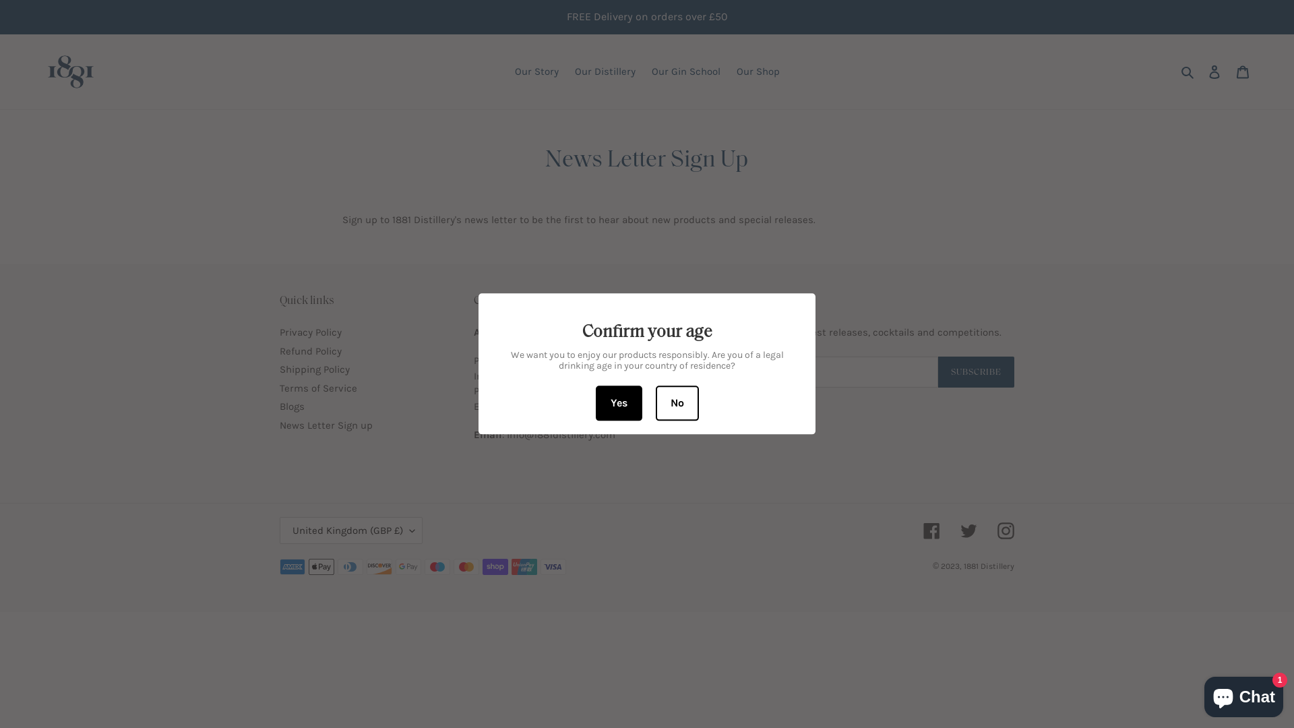 This screenshot has height=728, width=1294. What do you see at coordinates (536, 71) in the screenshot?
I see `'Our Story'` at bounding box center [536, 71].